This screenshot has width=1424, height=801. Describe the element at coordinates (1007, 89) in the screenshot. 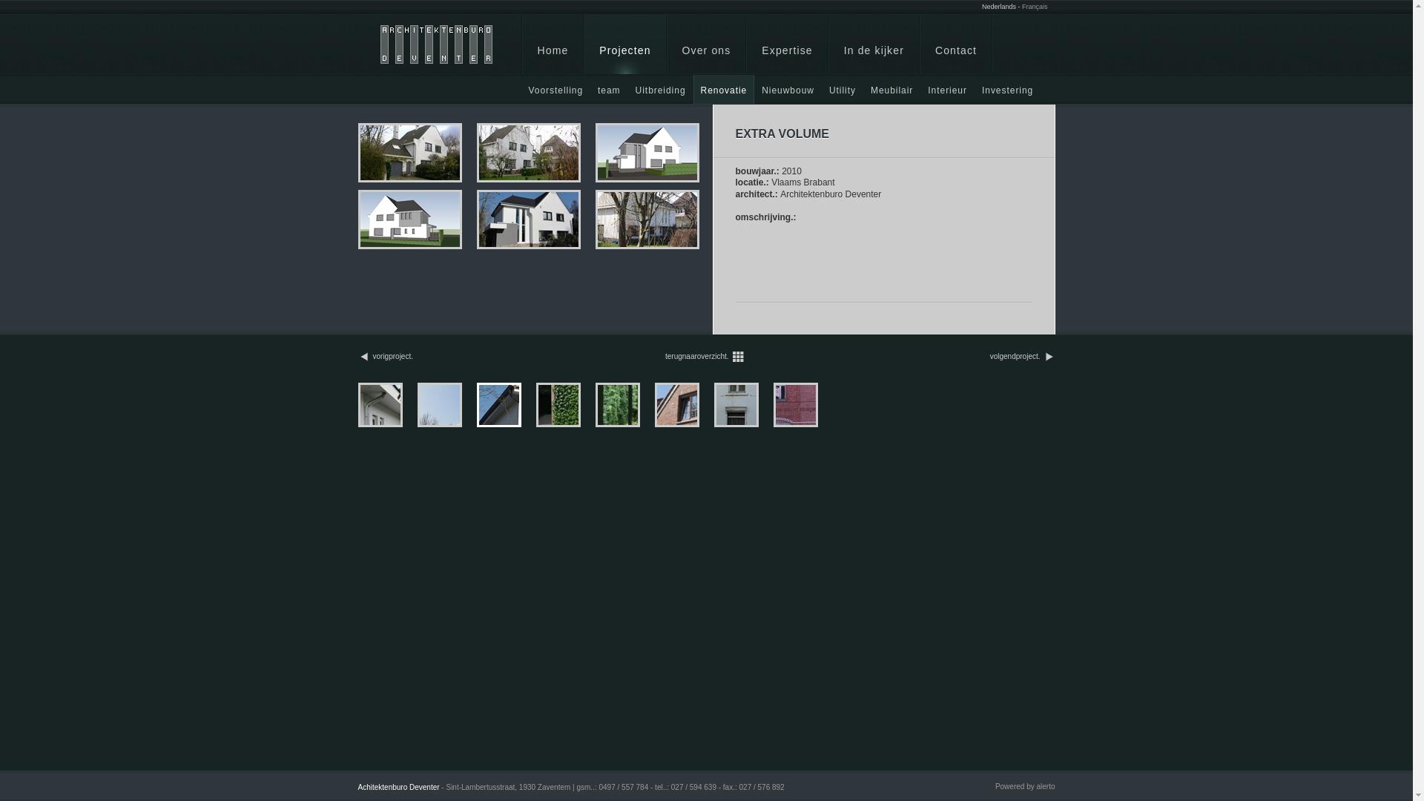

I see `'Investering'` at that location.